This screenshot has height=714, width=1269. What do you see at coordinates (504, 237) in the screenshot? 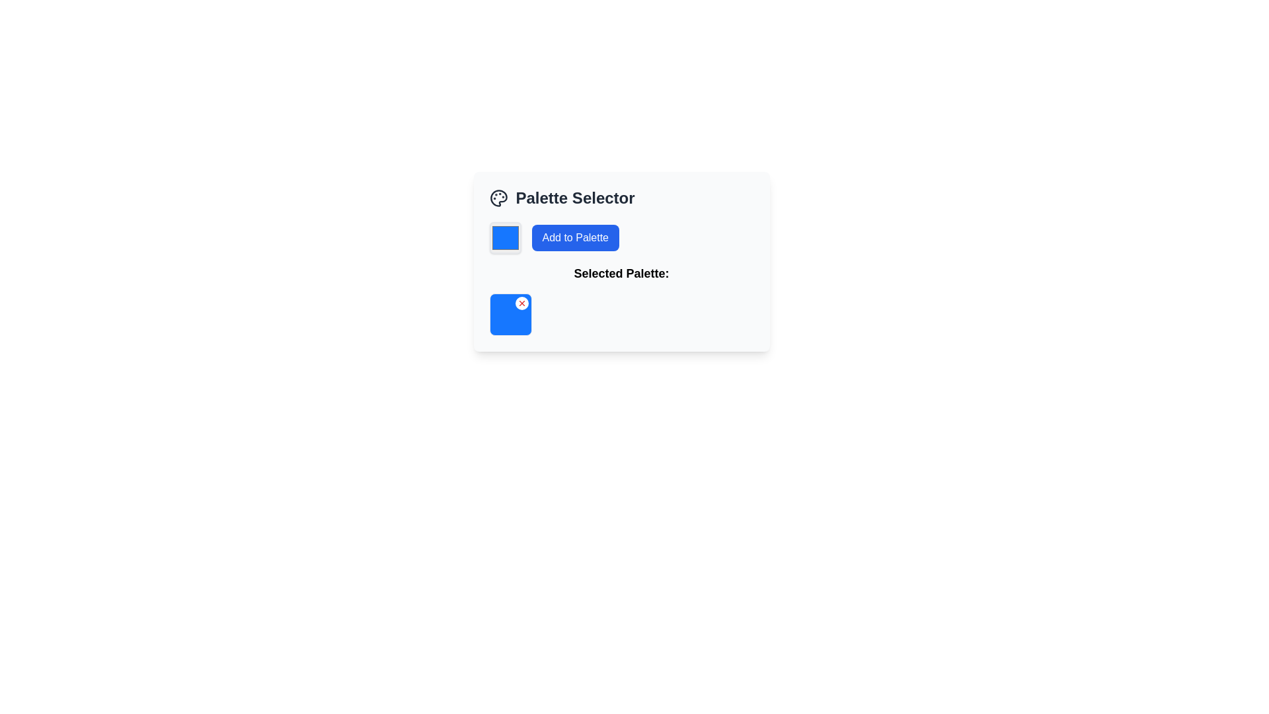
I see `the Color picker tile, which is a square-shaped blue component with a rounded edge located to the left of the 'Add to Palette' button` at bounding box center [504, 237].